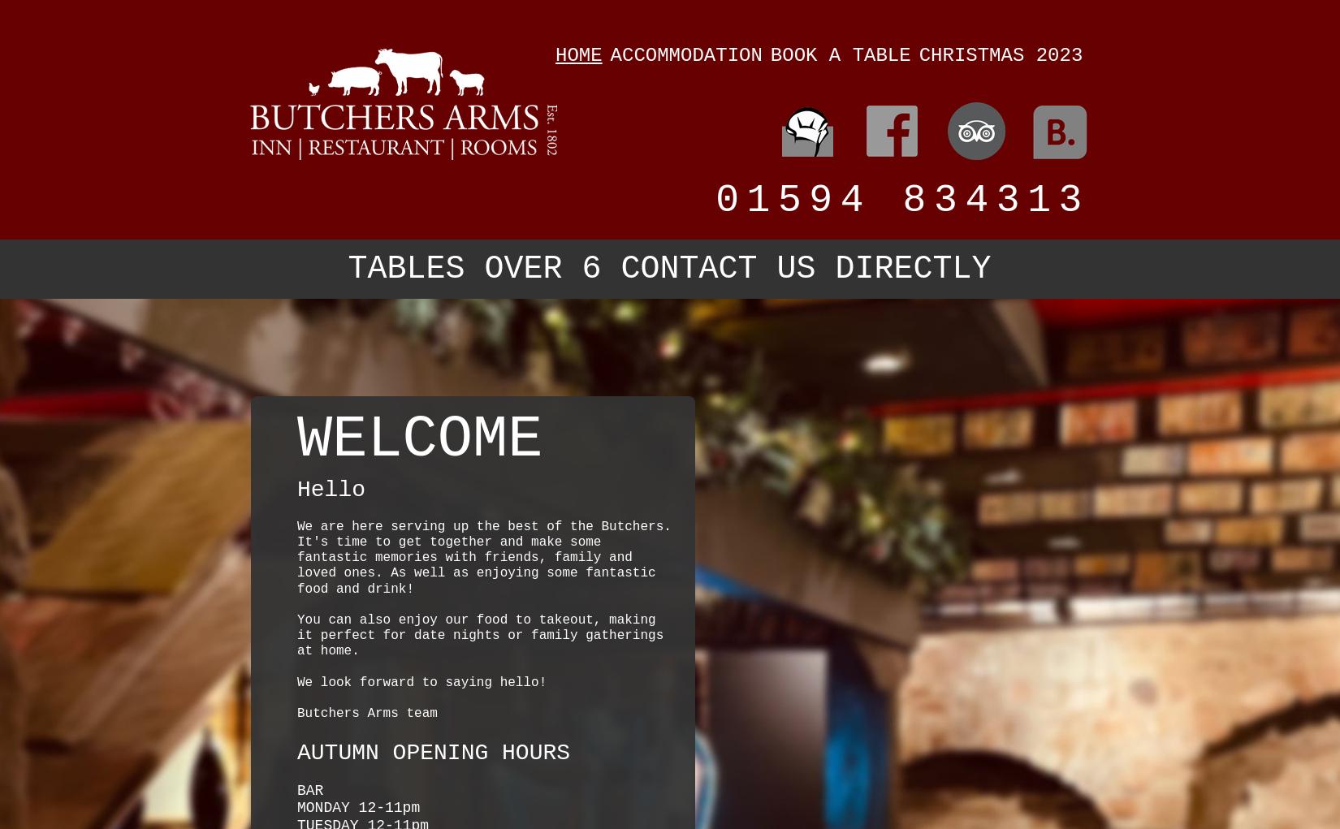  Describe the element at coordinates (296, 752) in the screenshot. I see `'AUTUMN OPENING HOURS'` at that location.